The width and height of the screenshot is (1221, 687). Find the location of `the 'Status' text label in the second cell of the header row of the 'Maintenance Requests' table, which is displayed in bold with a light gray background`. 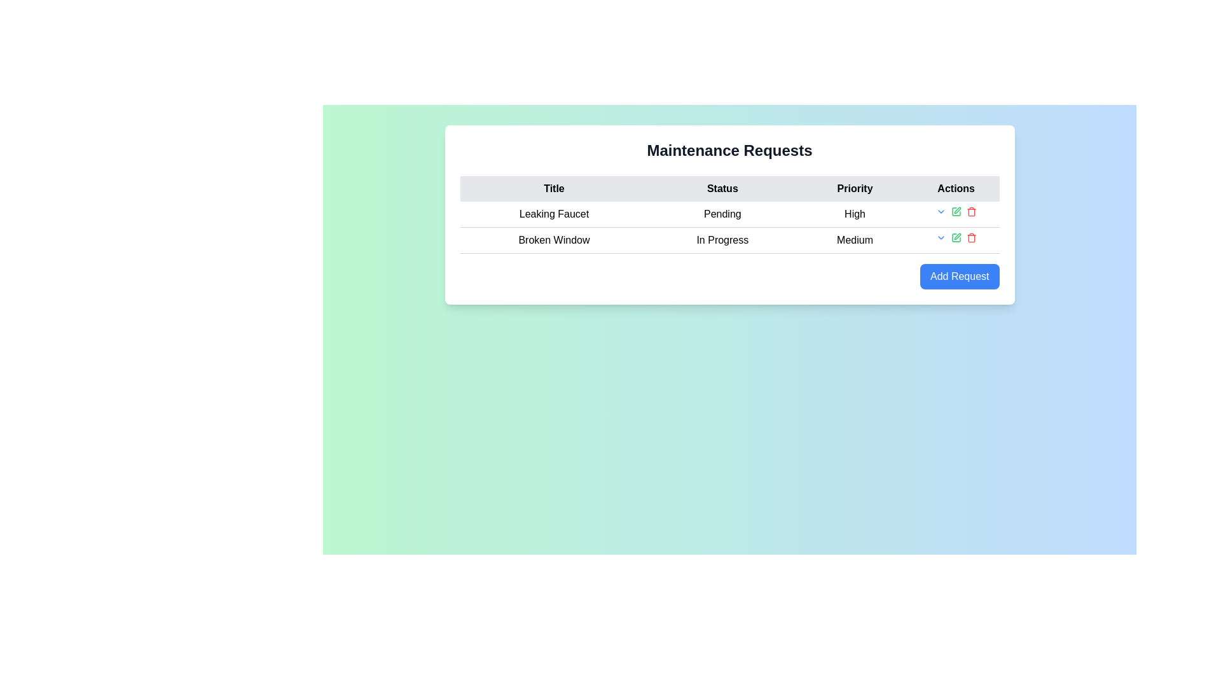

the 'Status' text label in the second cell of the header row of the 'Maintenance Requests' table, which is displayed in bold with a light gray background is located at coordinates (722, 189).